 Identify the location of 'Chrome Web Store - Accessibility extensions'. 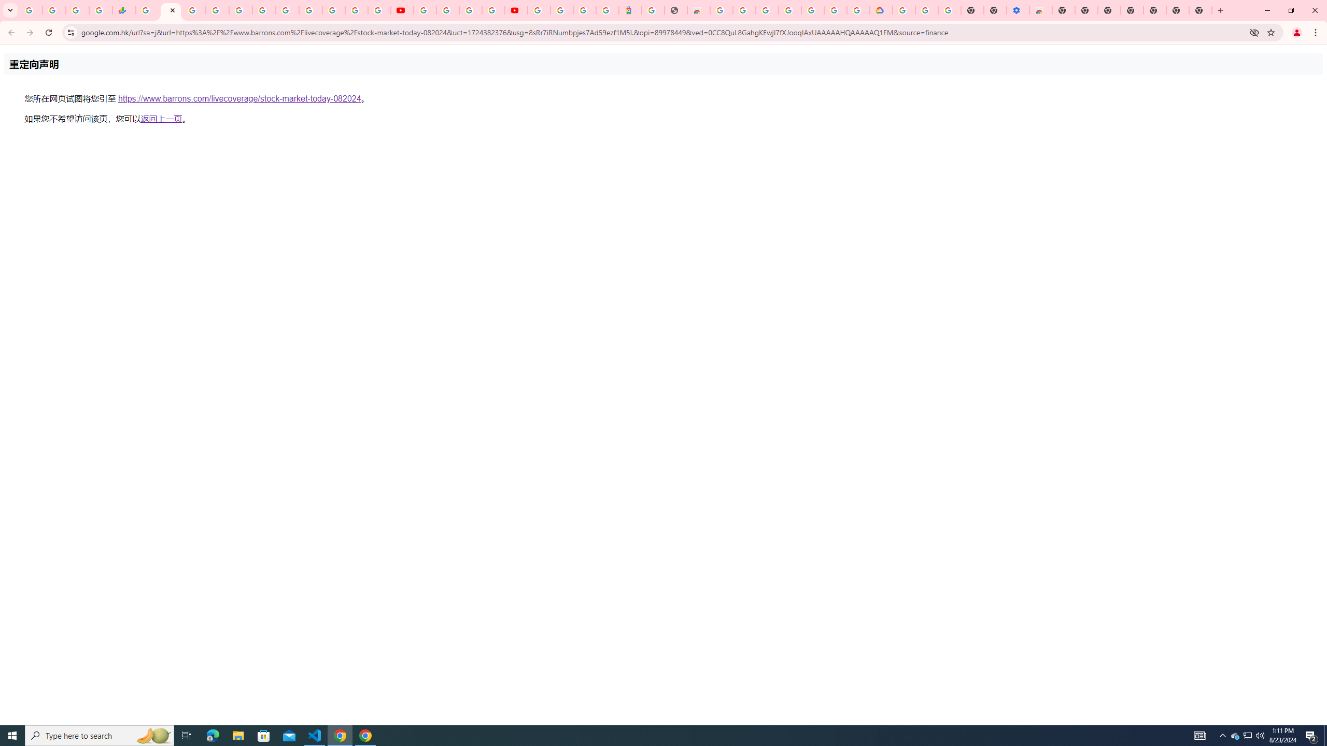
(1040, 10).